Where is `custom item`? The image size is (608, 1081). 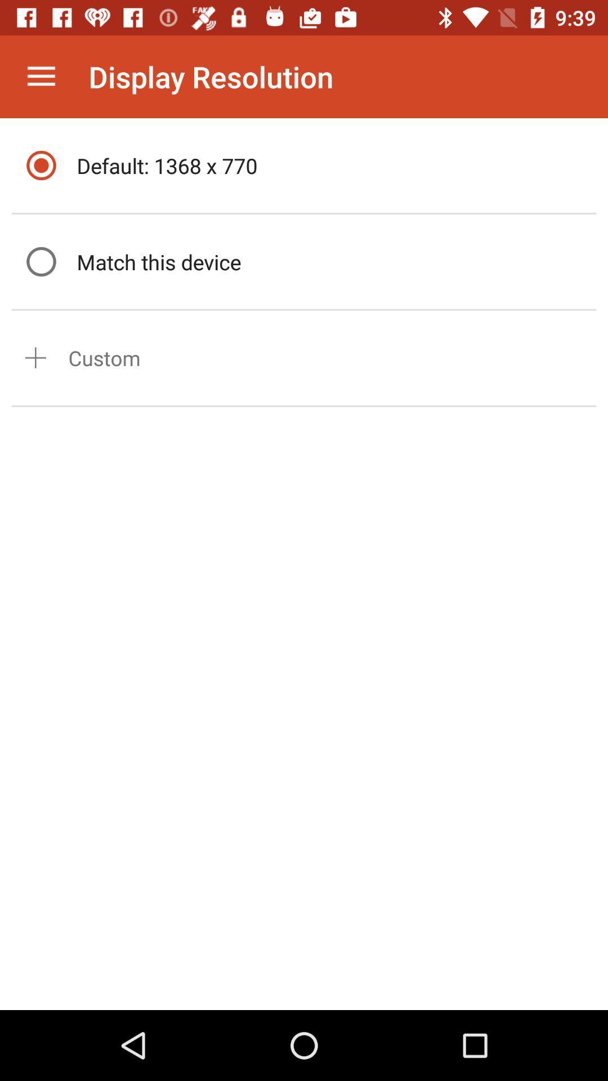
custom item is located at coordinates (104, 357).